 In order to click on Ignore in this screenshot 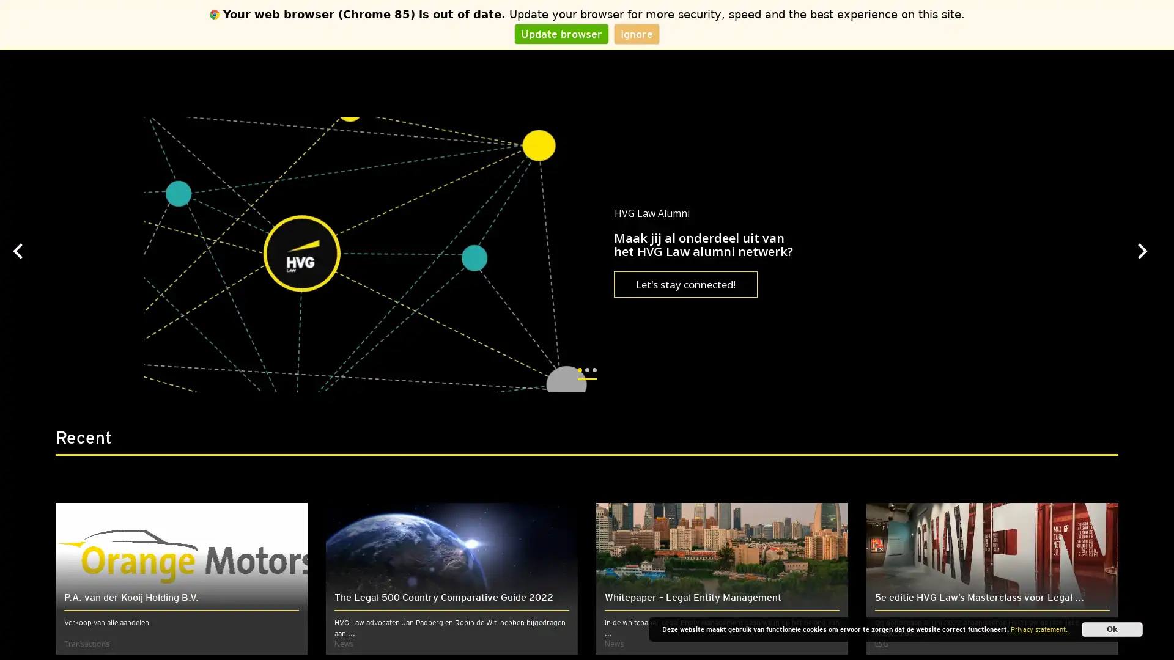, I will do `click(636, 33)`.